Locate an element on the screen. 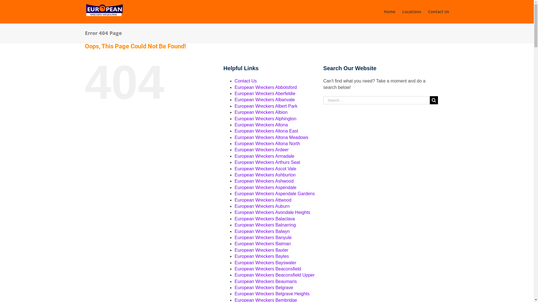  'European Wreckers Balwyn' is located at coordinates (262, 231).